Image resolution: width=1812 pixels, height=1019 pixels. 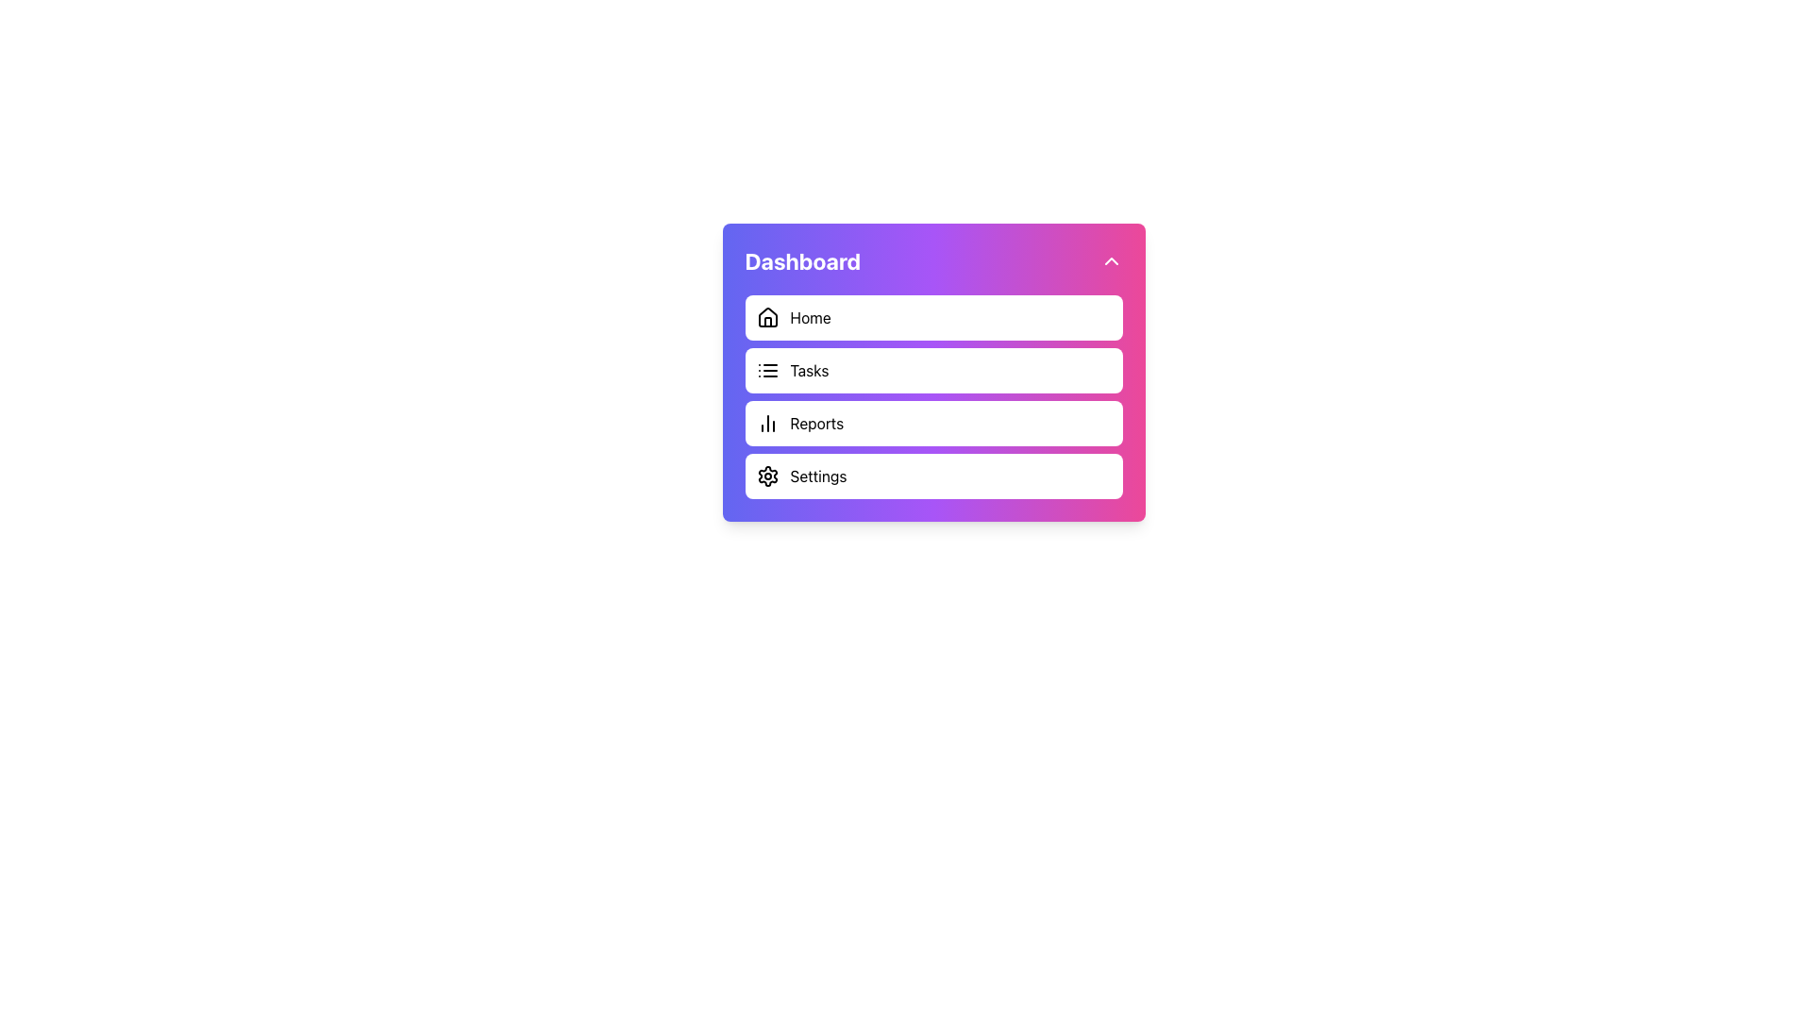 What do you see at coordinates (767, 321) in the screenshot?
I see `the vertical rectangular shape that represents the door line in the 'Home' icon within the dashboard box` at bounding box center [767, 321].